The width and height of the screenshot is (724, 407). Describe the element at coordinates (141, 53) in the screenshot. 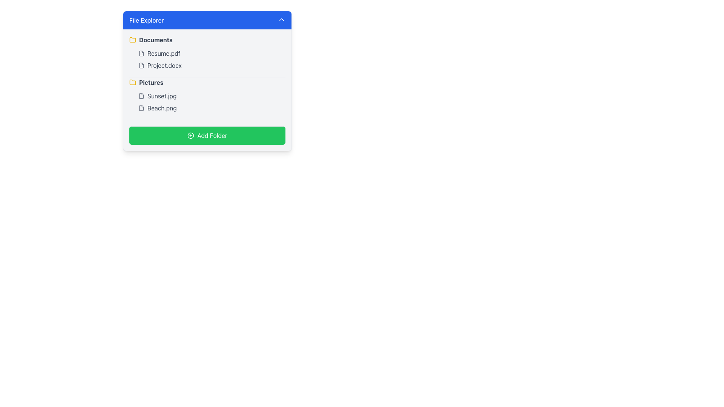

I see `the file icon for 'Resume.pdf', which is the first icon in its row under the 'Documents' category in the file explorer interface` at that location.